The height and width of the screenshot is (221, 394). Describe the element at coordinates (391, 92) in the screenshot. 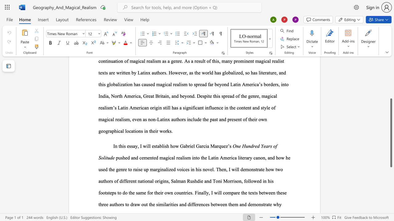

I see `the scrollbar to scroll the page up` at that location.